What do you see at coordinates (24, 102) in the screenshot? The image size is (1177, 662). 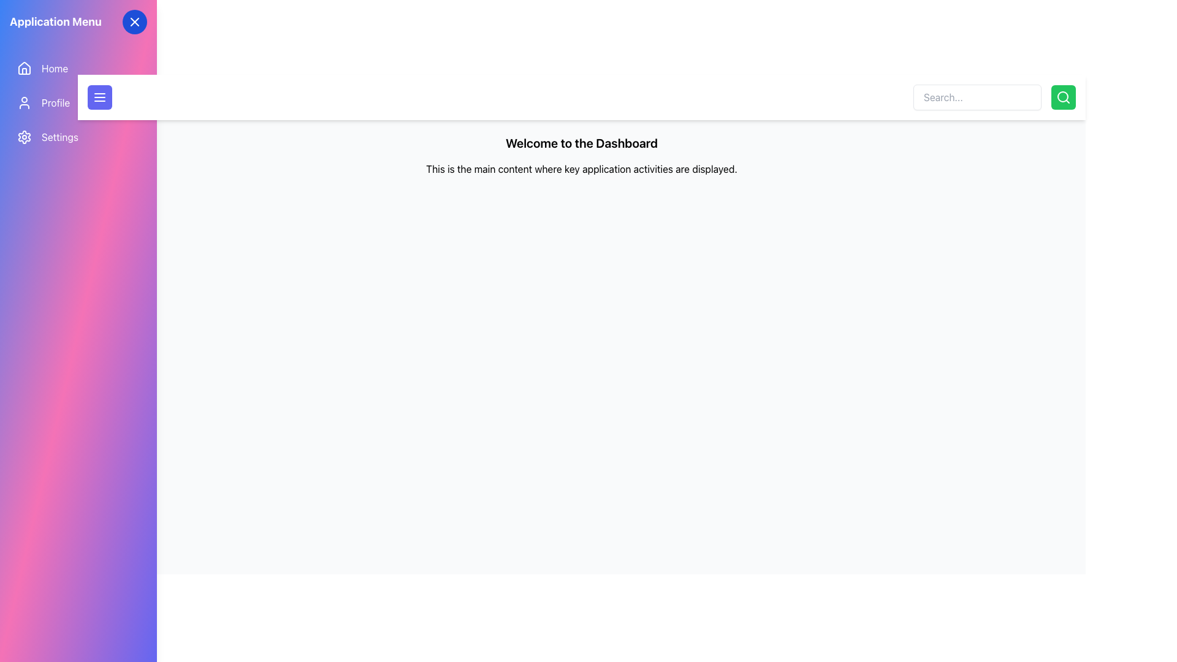 I see `the SVG user avatar icon located in the 'Profile' navigation menu on the left sidebar, which features a white line art design on a gradient background` at bounding box center [24, 102].